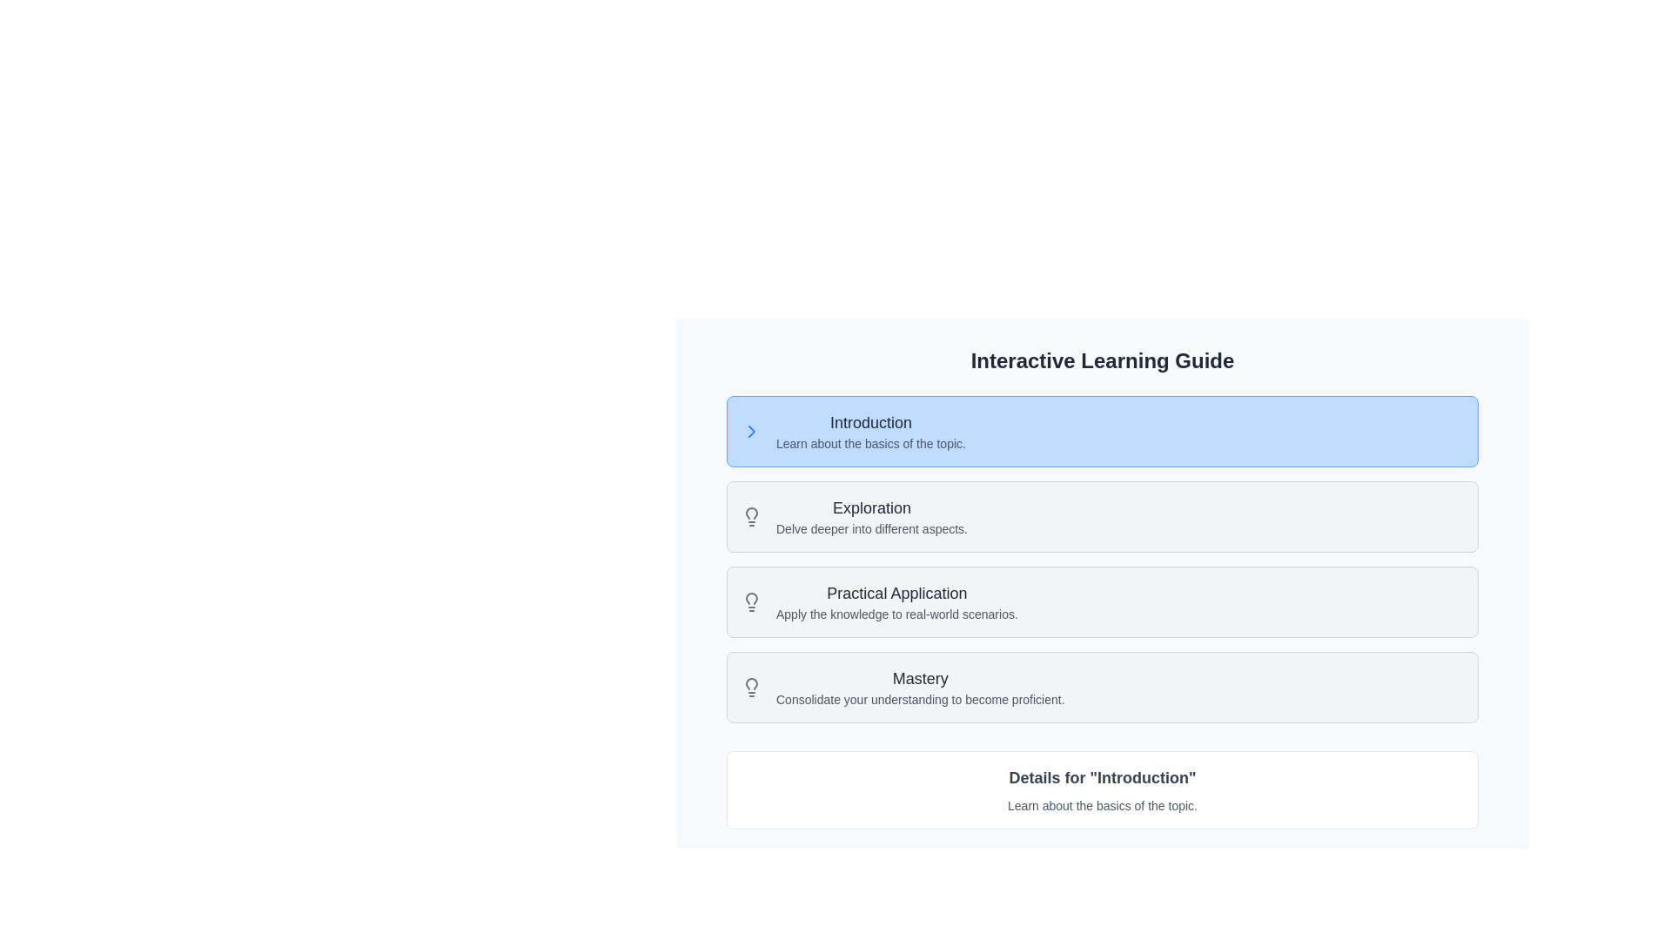 Image resolution: width=1671 pixels, height=940 pixels. I want to click on the text label that serves as a title for the section, located above descriptive text in the third section of a vertical list of labeled boxes, so click(896, 593).